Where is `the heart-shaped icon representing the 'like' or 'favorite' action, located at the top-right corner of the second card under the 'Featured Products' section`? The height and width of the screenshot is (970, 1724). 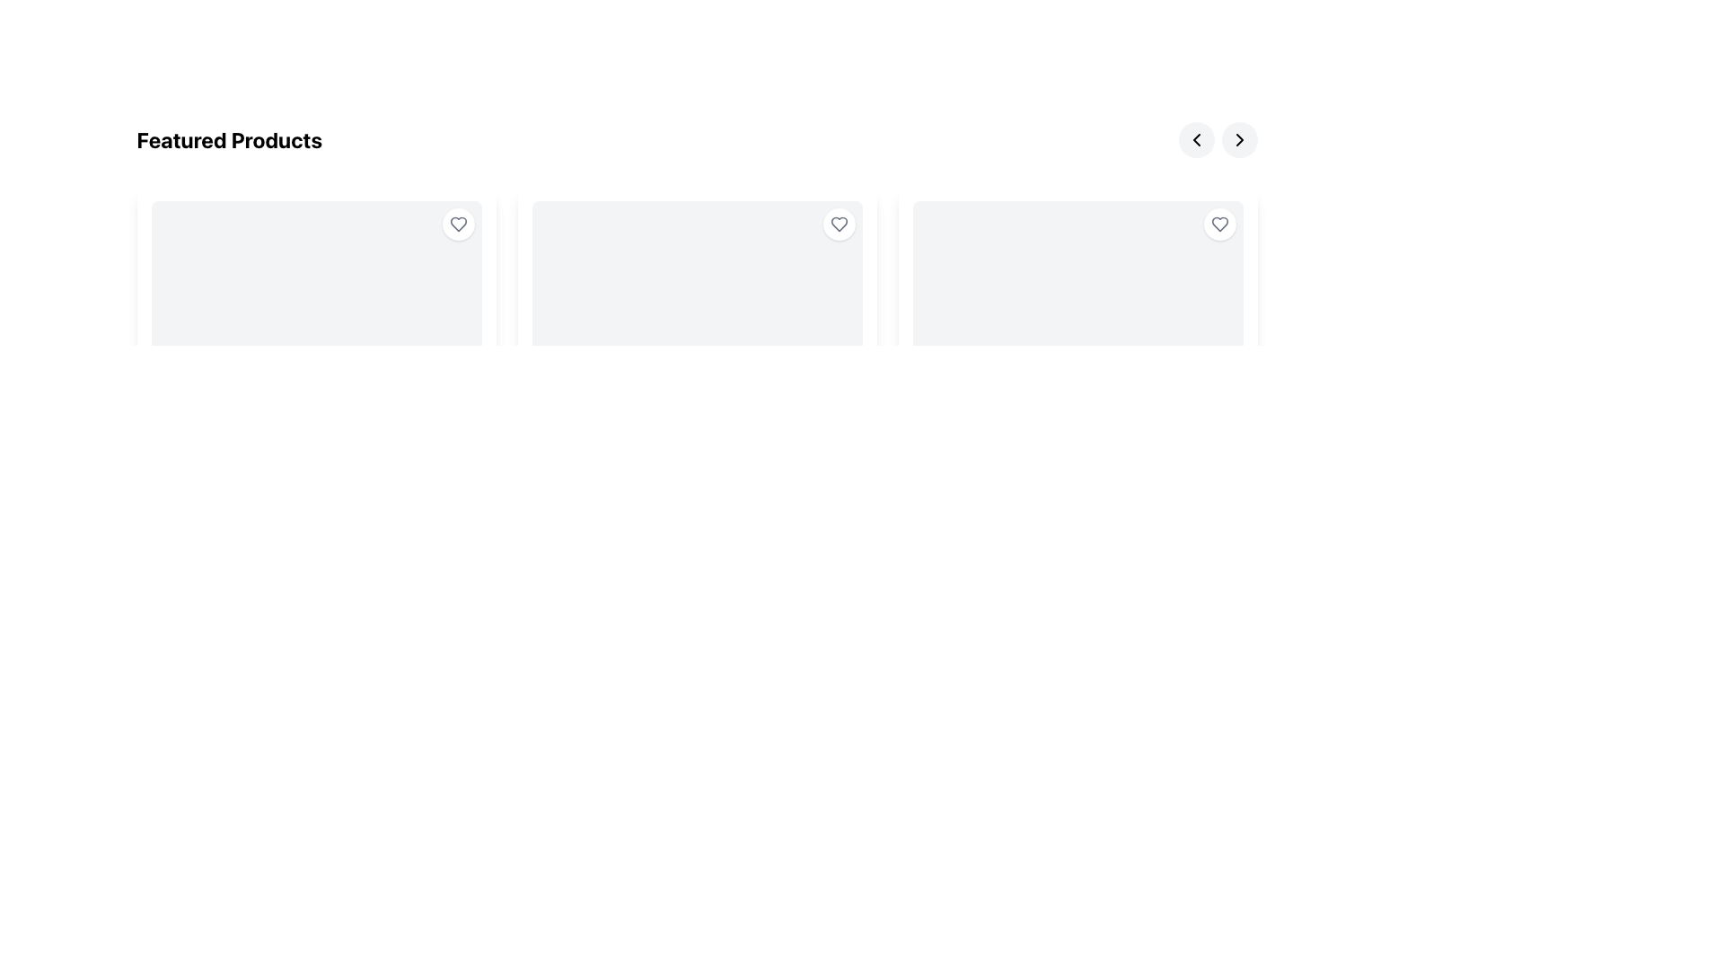 the heart-shaped icon representing the 'like' or 'favorite' action, located at the top-right corner of the second card under the 'Featured Products' section is located at coordinates (838, 224).